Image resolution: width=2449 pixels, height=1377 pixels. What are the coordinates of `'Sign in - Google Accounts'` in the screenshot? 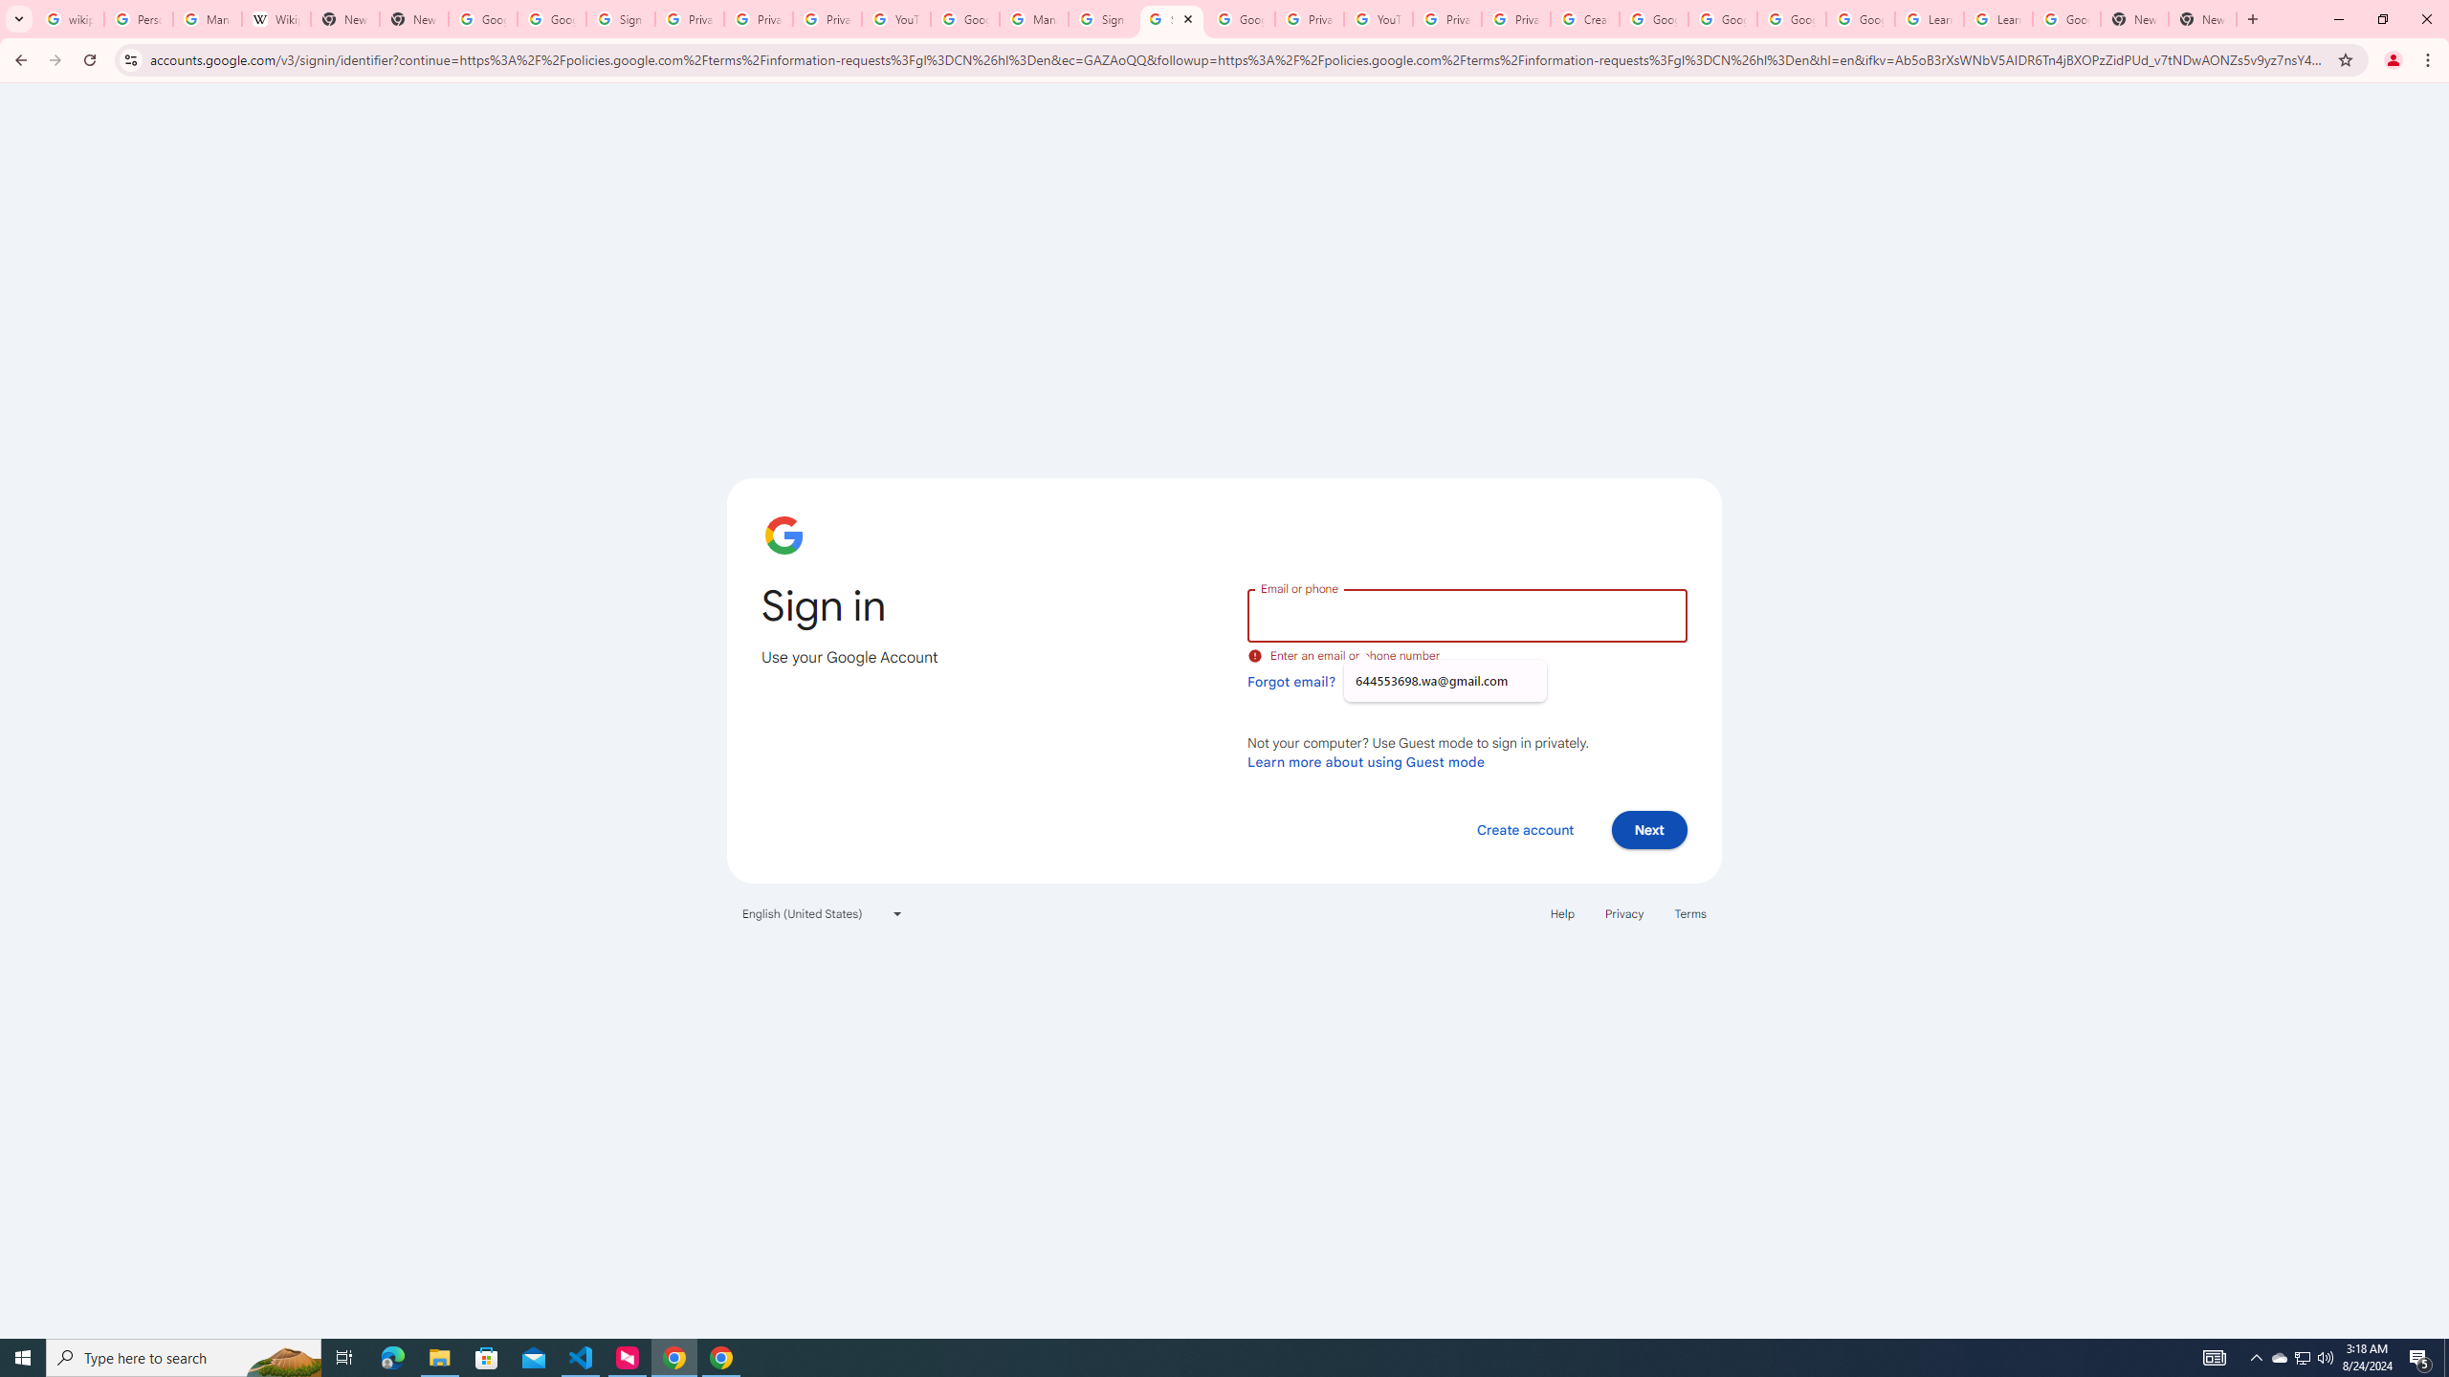 It's located at (1170, 18).